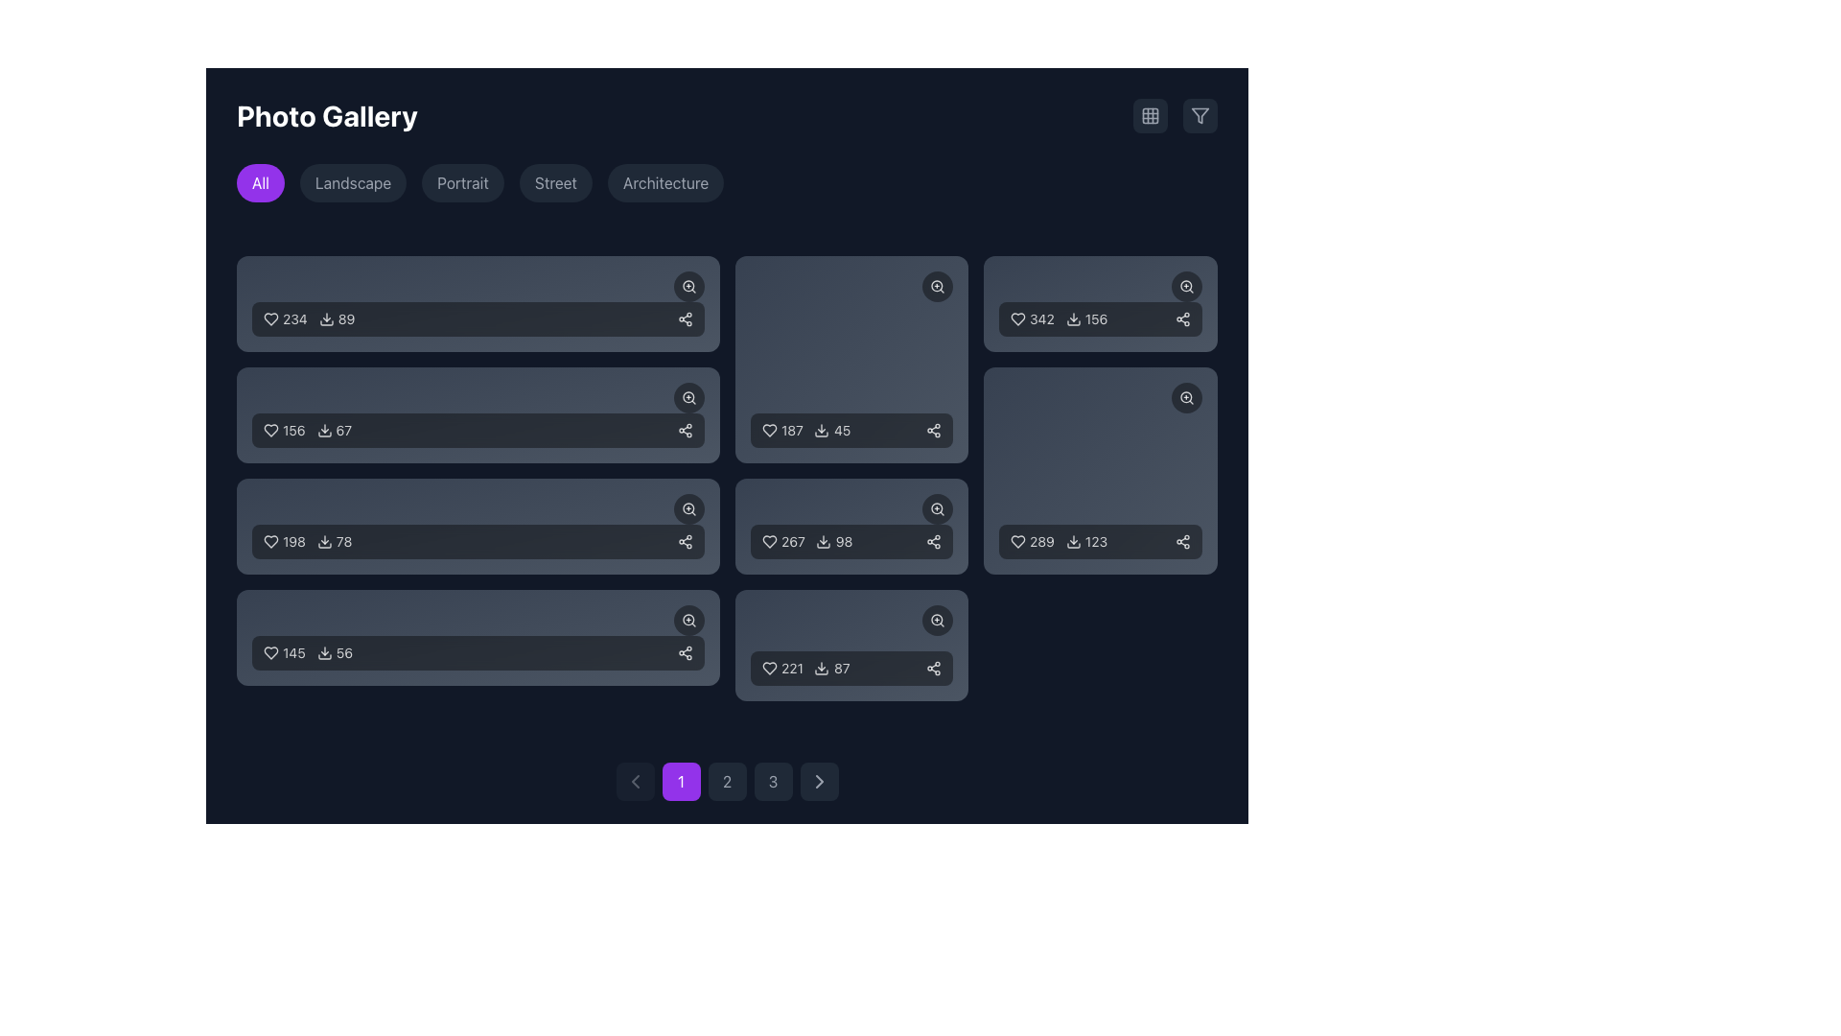 This screenshot has width=1841, height=1036. I want to click on the pagination button located at the bottom-right of the pagination section, which features a rounded rectangular shape with a gray background and a right-pointing arrow icon, so click(819, 781).